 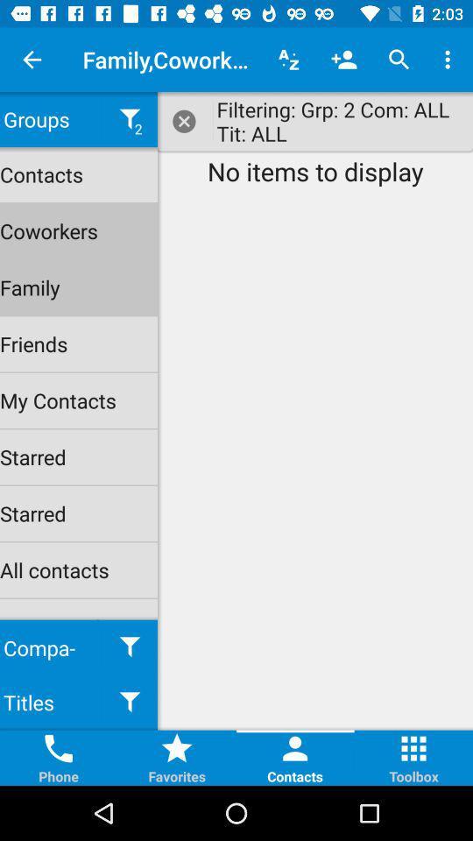 I want to click on the area, so click(x=184, y=120).